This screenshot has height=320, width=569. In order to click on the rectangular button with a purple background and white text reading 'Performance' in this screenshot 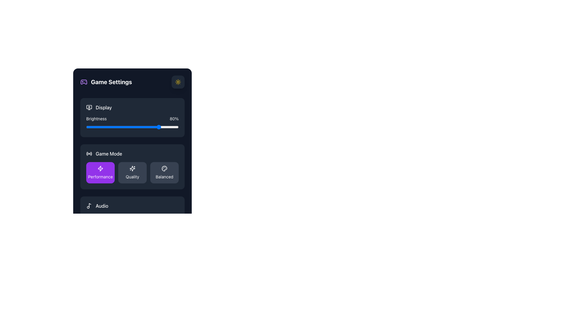, I will do `click(100, 172)`.